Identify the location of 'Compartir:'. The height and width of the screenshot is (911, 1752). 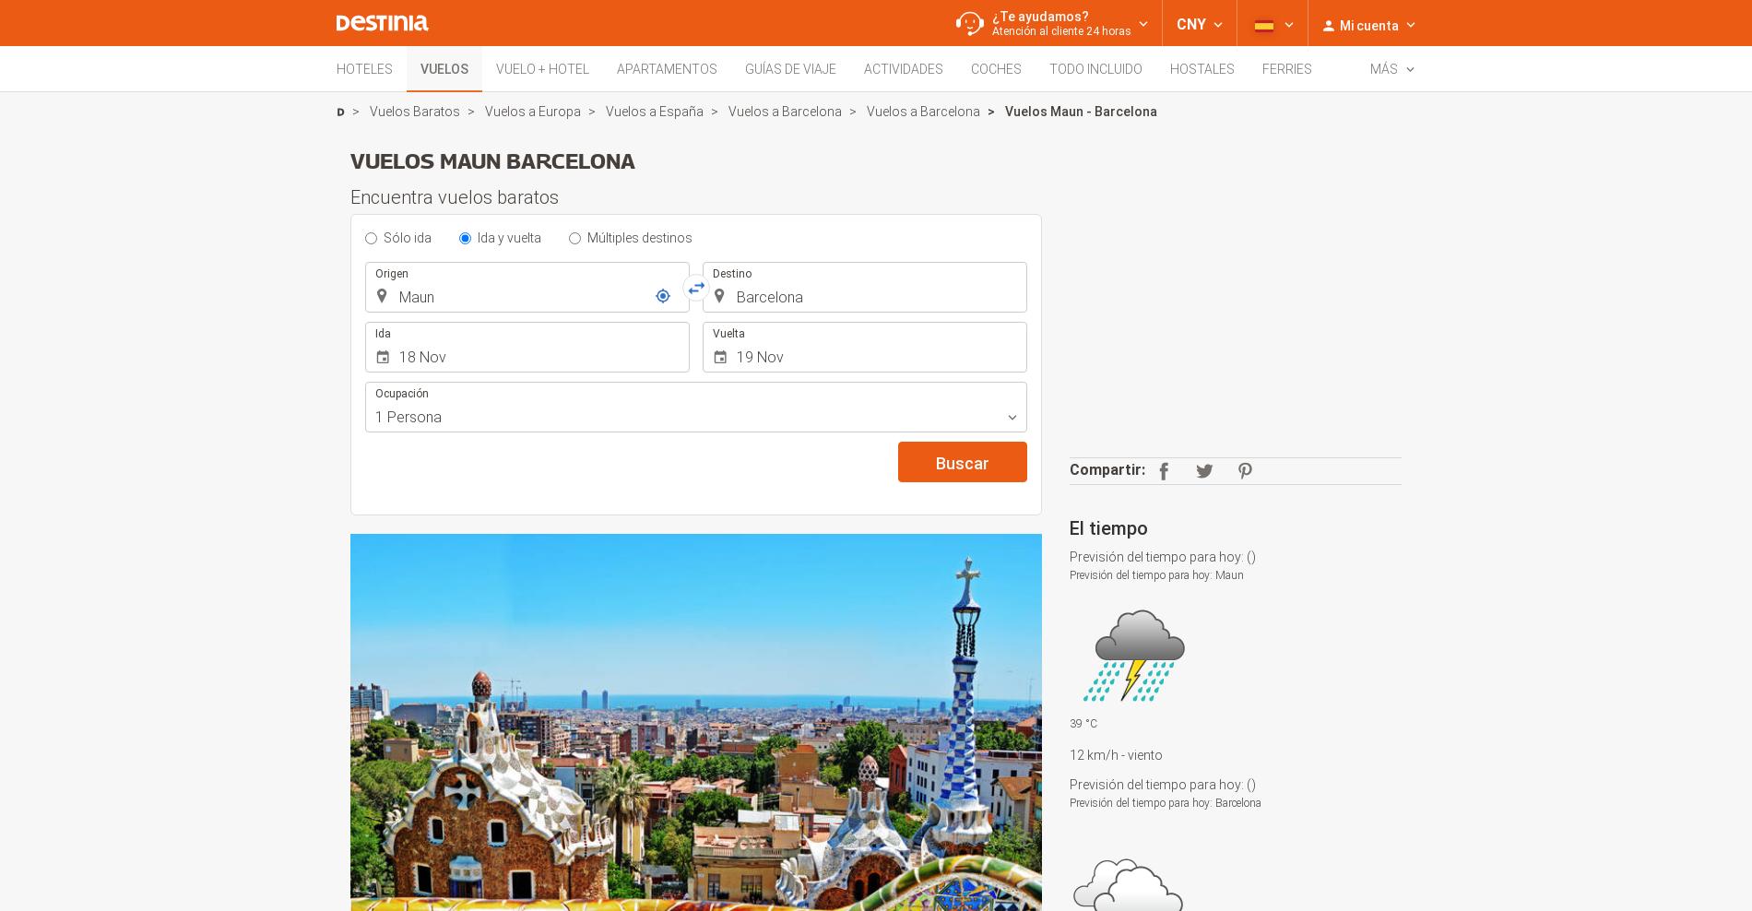
(1069, 467).